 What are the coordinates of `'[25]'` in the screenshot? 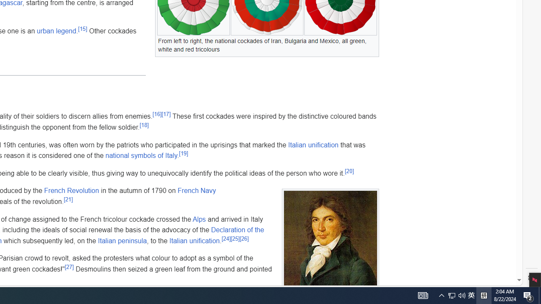 It's located at (235, 239).